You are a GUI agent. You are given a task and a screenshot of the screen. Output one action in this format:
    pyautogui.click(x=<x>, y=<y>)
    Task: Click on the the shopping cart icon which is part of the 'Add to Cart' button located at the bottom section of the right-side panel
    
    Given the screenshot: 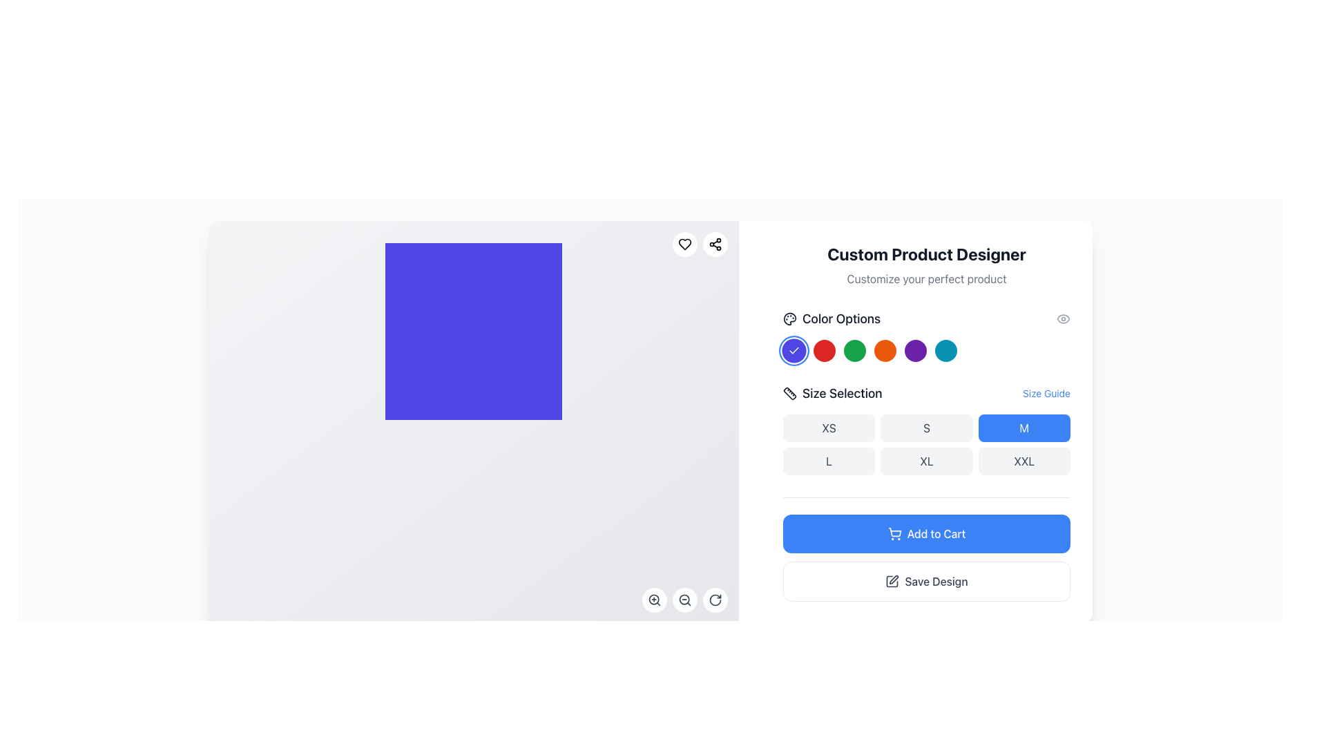 What is the action you would take?
    pyautogui.click(x=894, y=533)
    